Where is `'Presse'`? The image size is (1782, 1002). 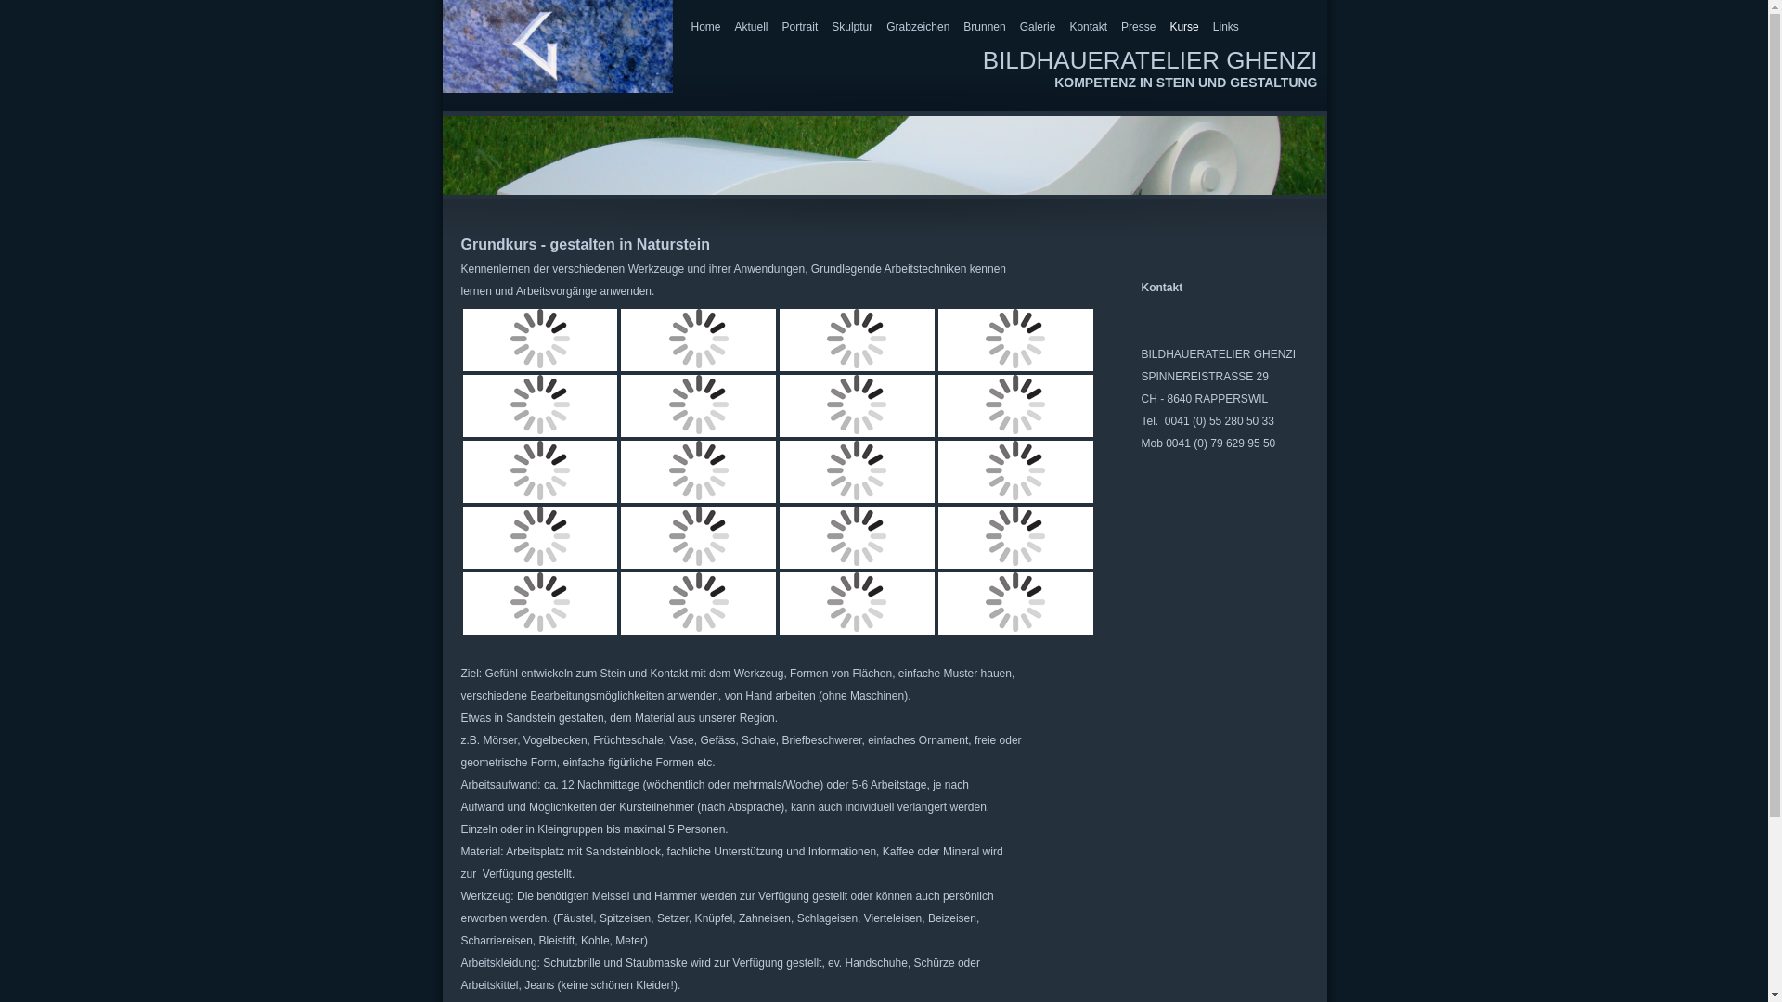 'Presse' is located at coordinates (1120, 27).